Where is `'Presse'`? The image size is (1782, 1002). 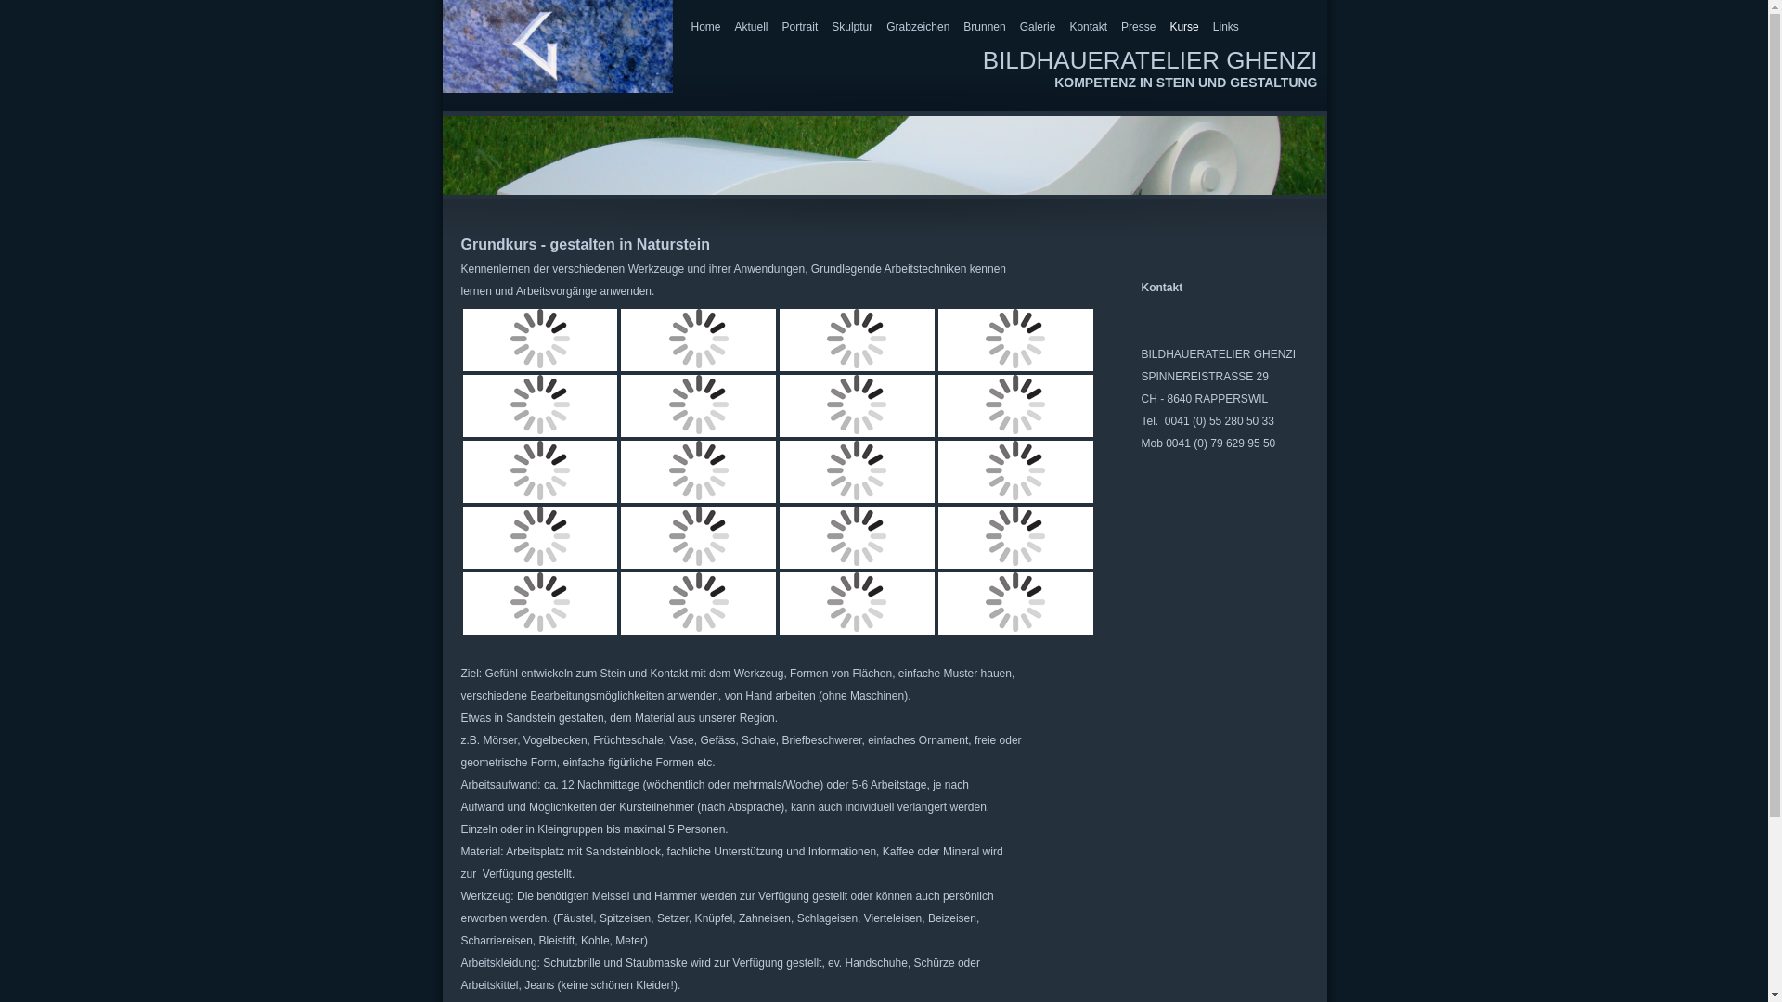 'Presse' is located at coordinates (1120, 27).